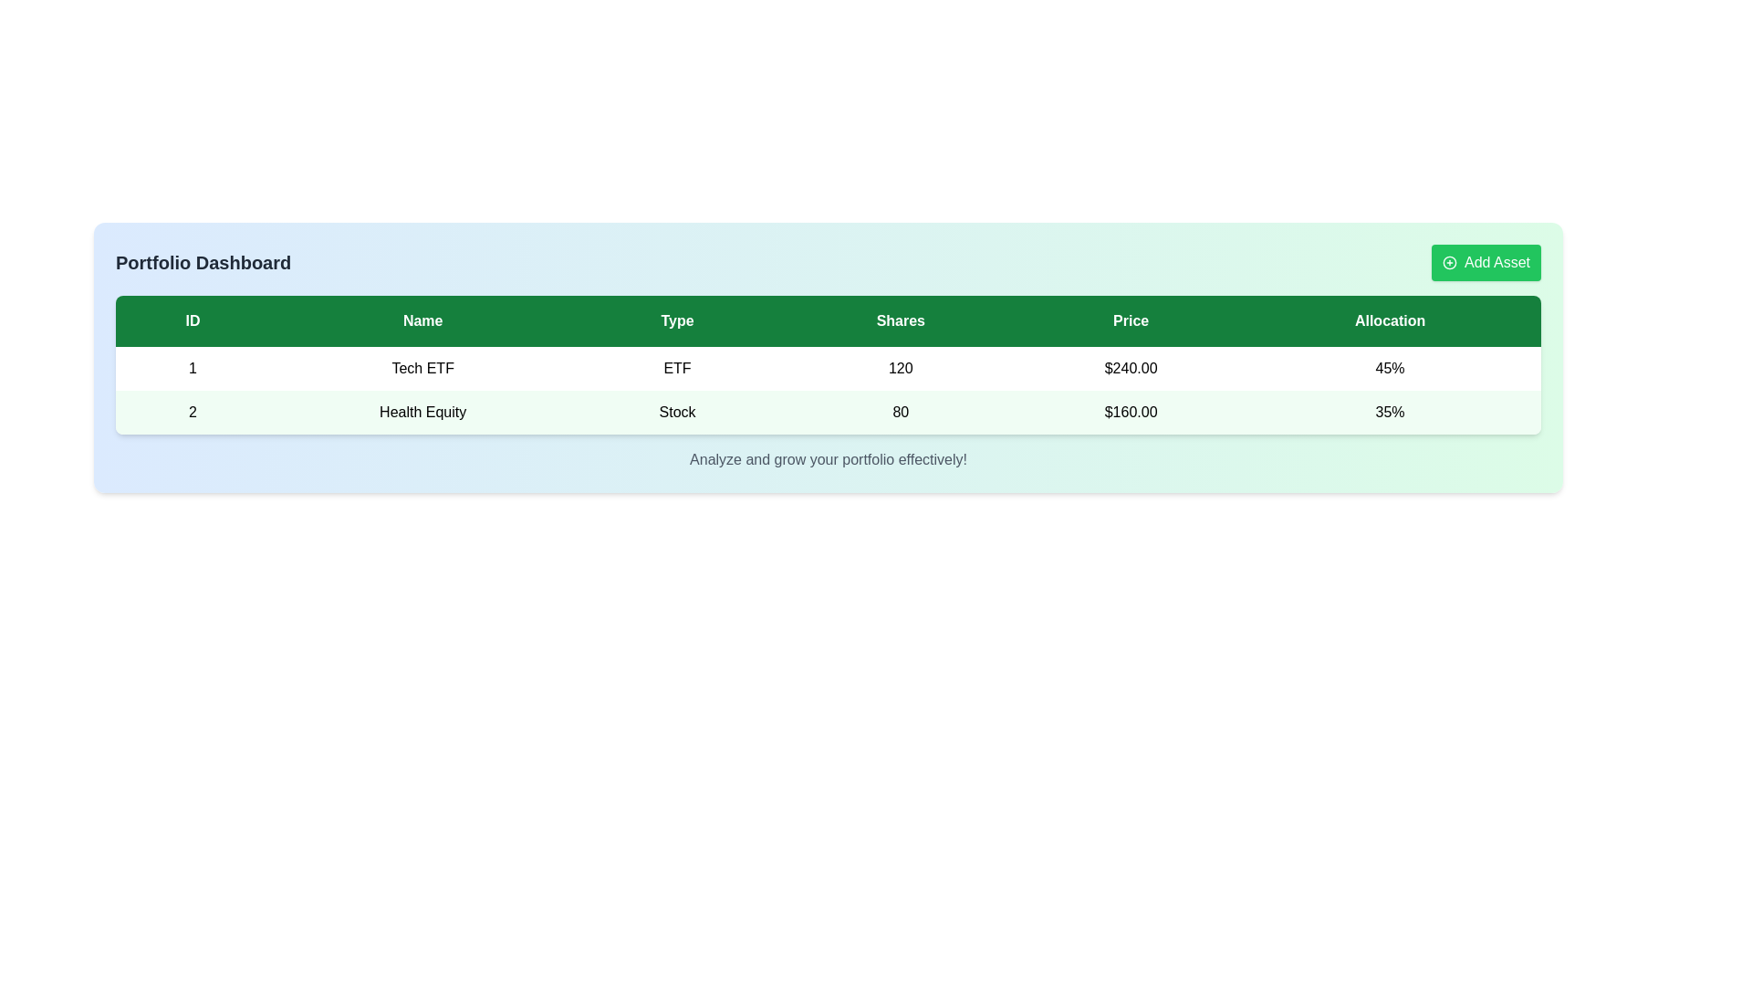 The image size is (1752, 986). I want to click on the '35%' text label displayed in black on a light green background, located in the 'Allocation' column of the table's second row, so click(1389, 412).